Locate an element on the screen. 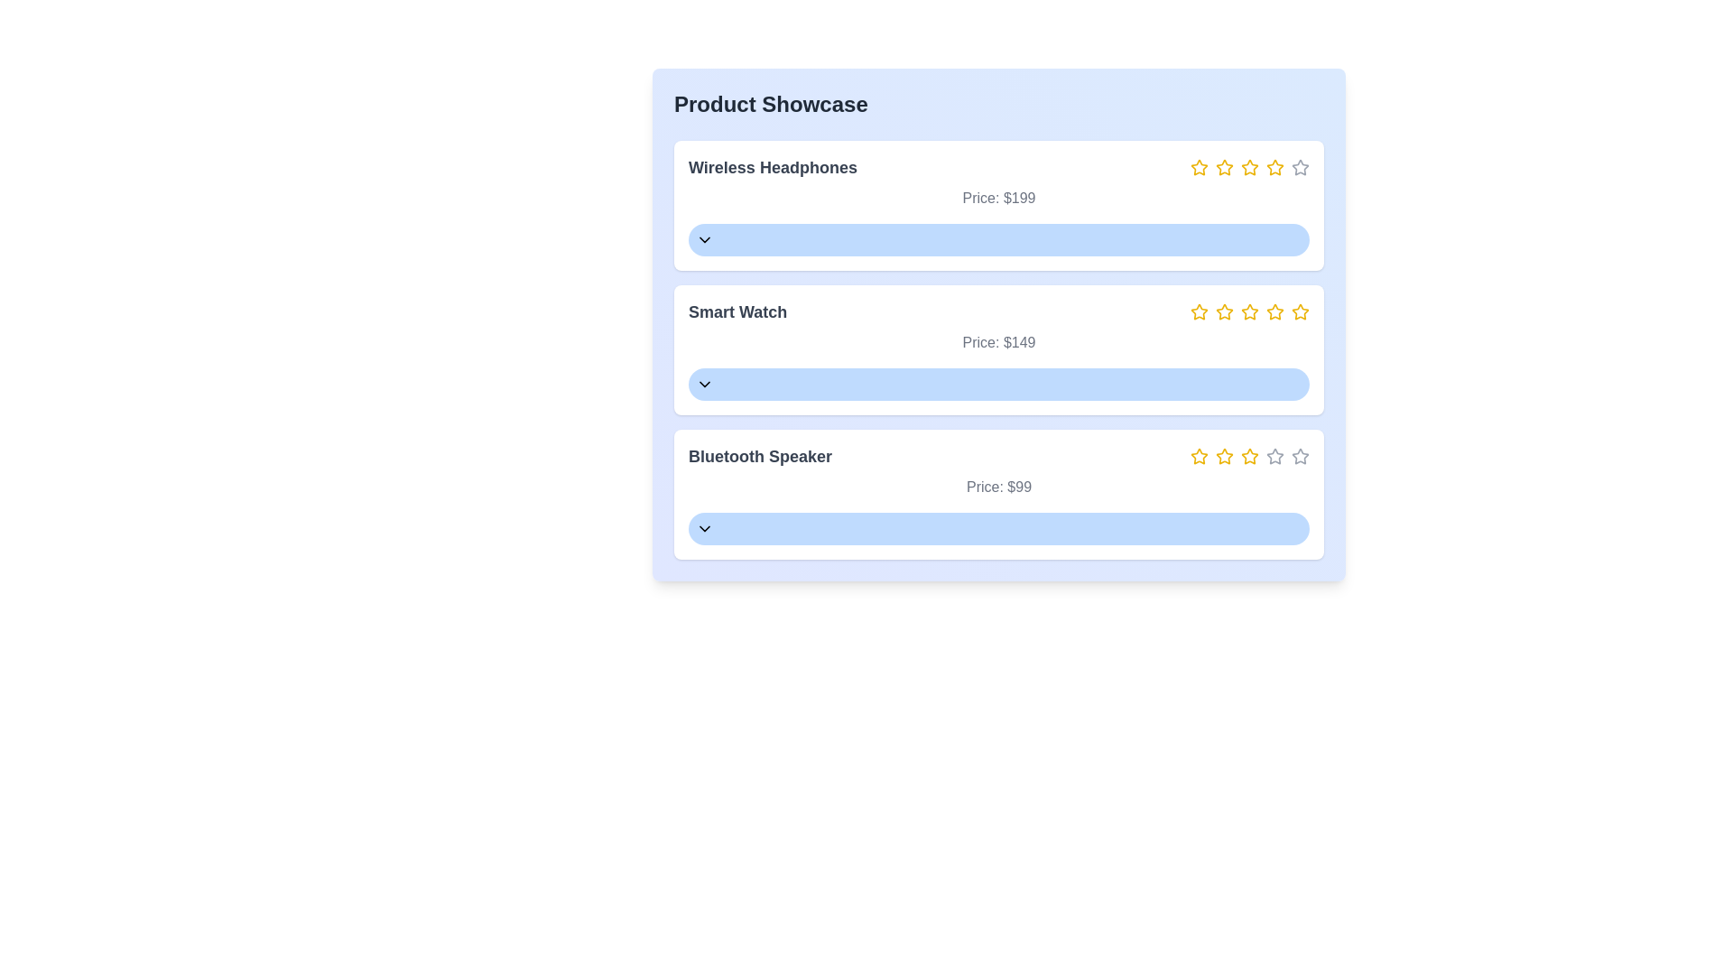 The height and width of the screenshot is (975, 1733). the third star icon from the left in the star rating section of the Bluetooth Speaker product to rate it is located at coordinates (1225, 455).